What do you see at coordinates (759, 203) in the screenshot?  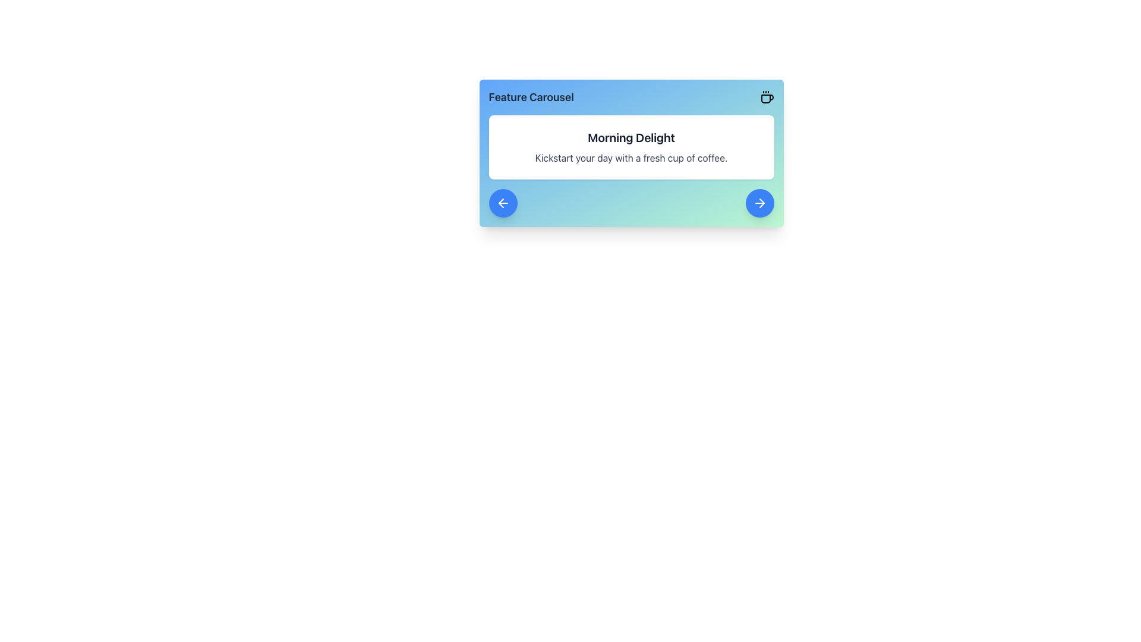 I see `the circular blue button with a white right arrow icon, located to the right of the rectangular content area titled 'Feature Carousel'` at bounding box center [759, 203].